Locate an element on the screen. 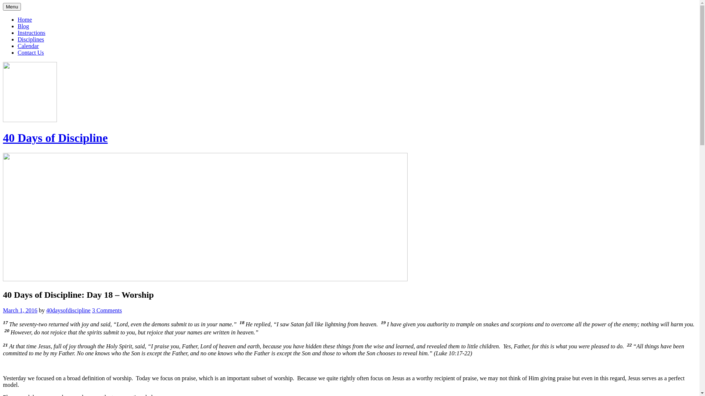  'March 1, 2016' is located at coordinates (20, 310).